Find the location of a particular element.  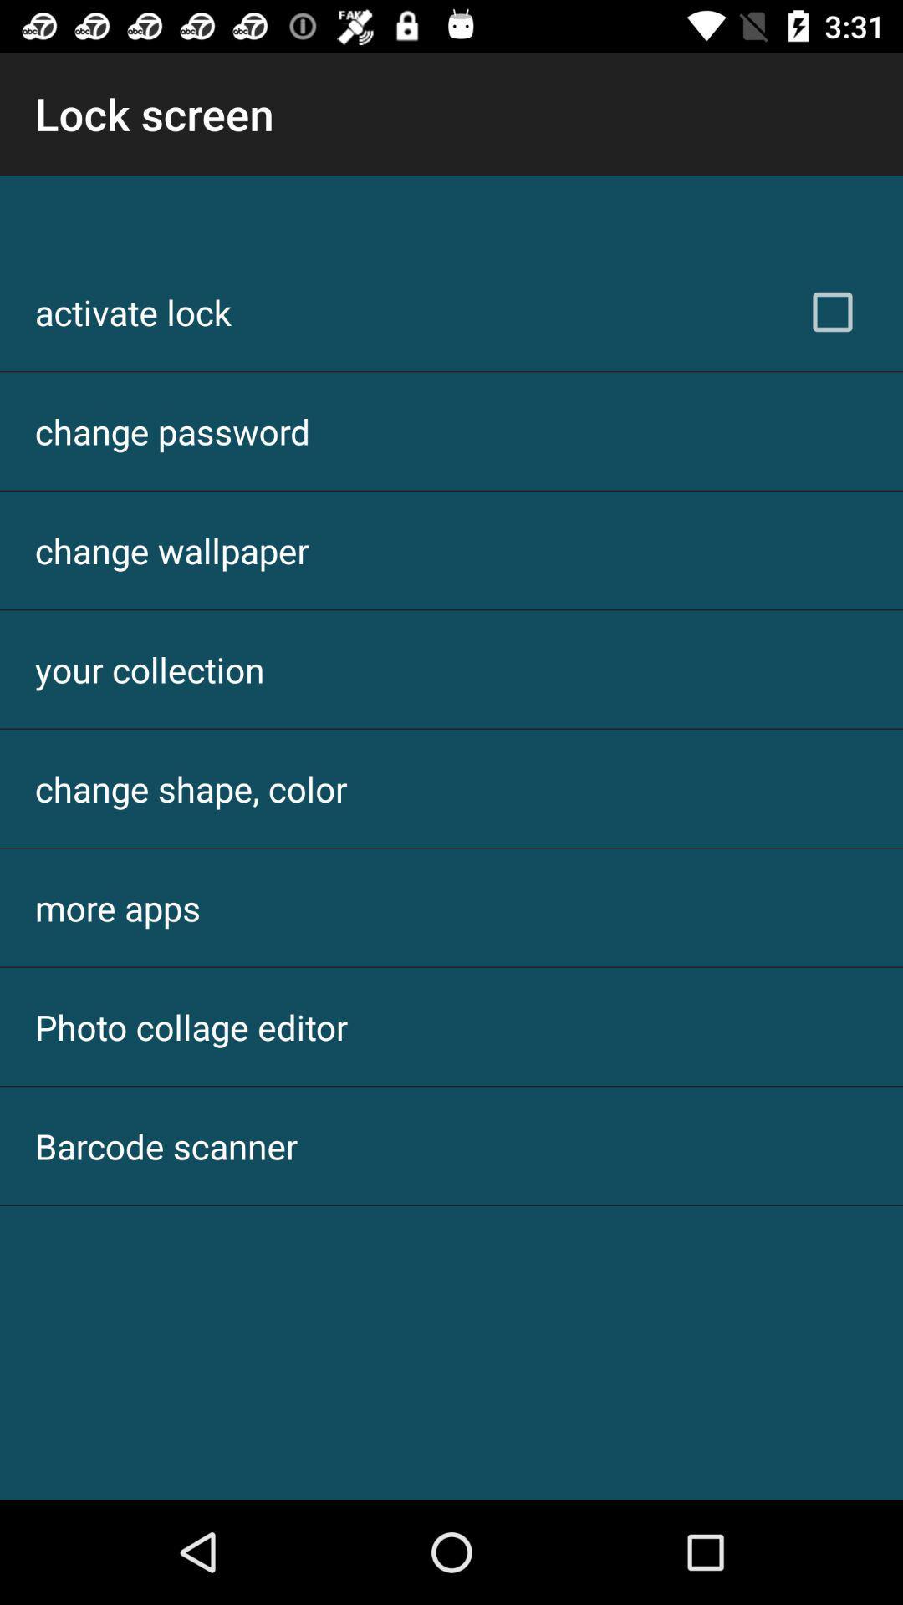

the app to the right of the activate lock app is located at coordinates (832, 312).